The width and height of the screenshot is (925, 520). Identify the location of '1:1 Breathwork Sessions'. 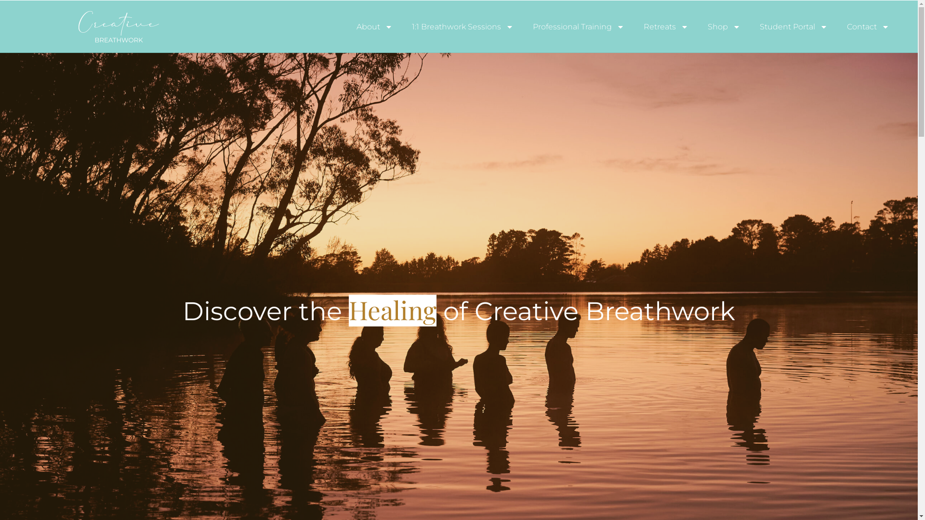
(462, 26).